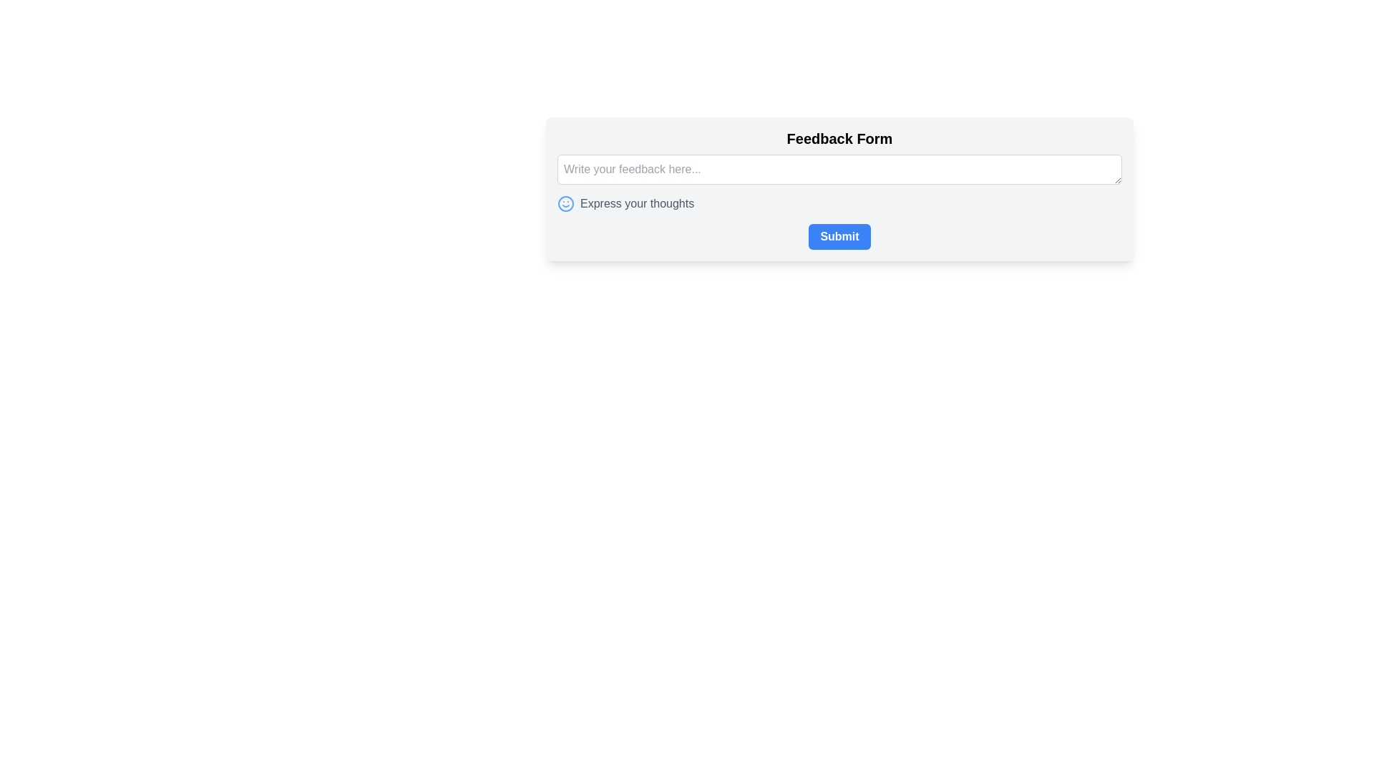  I want to click on the text input field with a light gray border and placeholder 'Write your feedback here...', so click(839, 168).